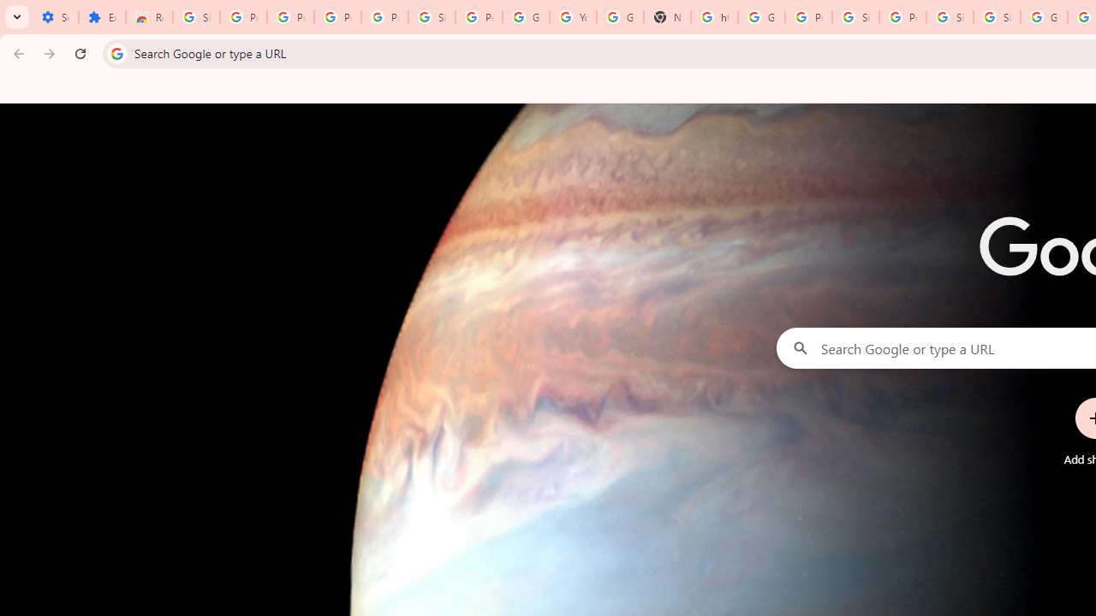  I want to click on 'New Tab', so click(666, 17).